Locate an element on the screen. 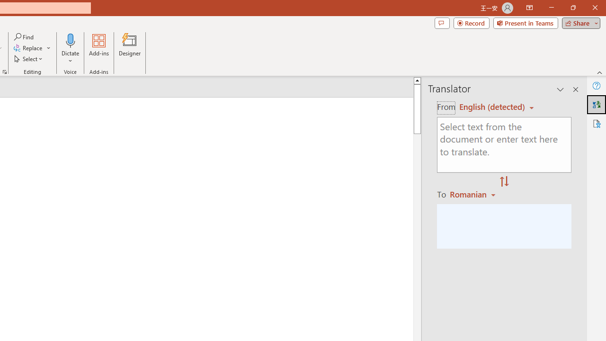 This screenshot has height=341, width=606. 'Romanian' is located at coordinates (474, 194).